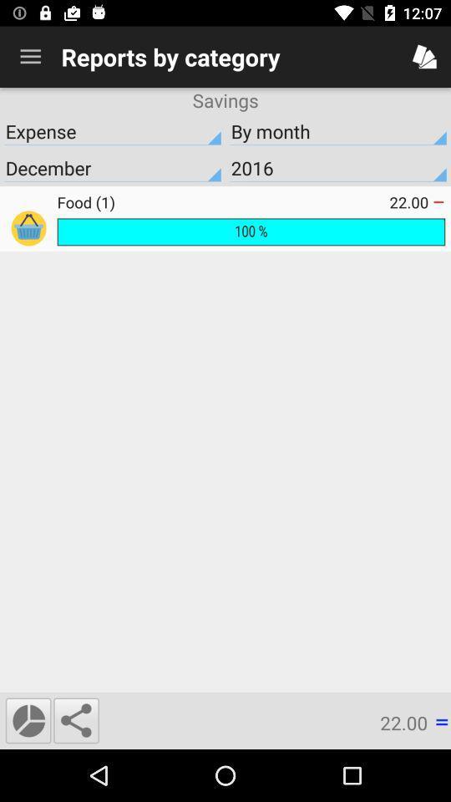 Image resolution: width=451 pixels, height=802 pixels. Describe the element at coordinates (250, 231) in the screenshot. I see `the icon below food (1)` at that location.